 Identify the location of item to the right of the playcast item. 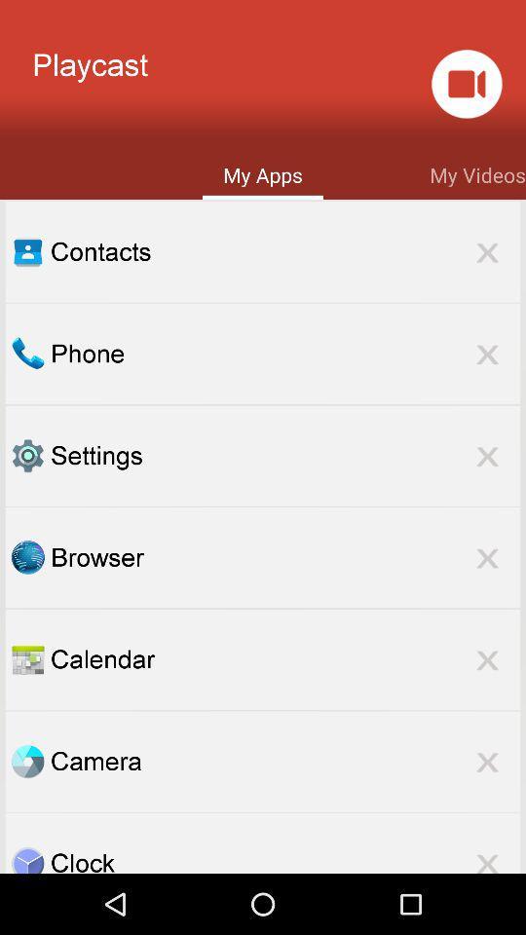
(466, 84).